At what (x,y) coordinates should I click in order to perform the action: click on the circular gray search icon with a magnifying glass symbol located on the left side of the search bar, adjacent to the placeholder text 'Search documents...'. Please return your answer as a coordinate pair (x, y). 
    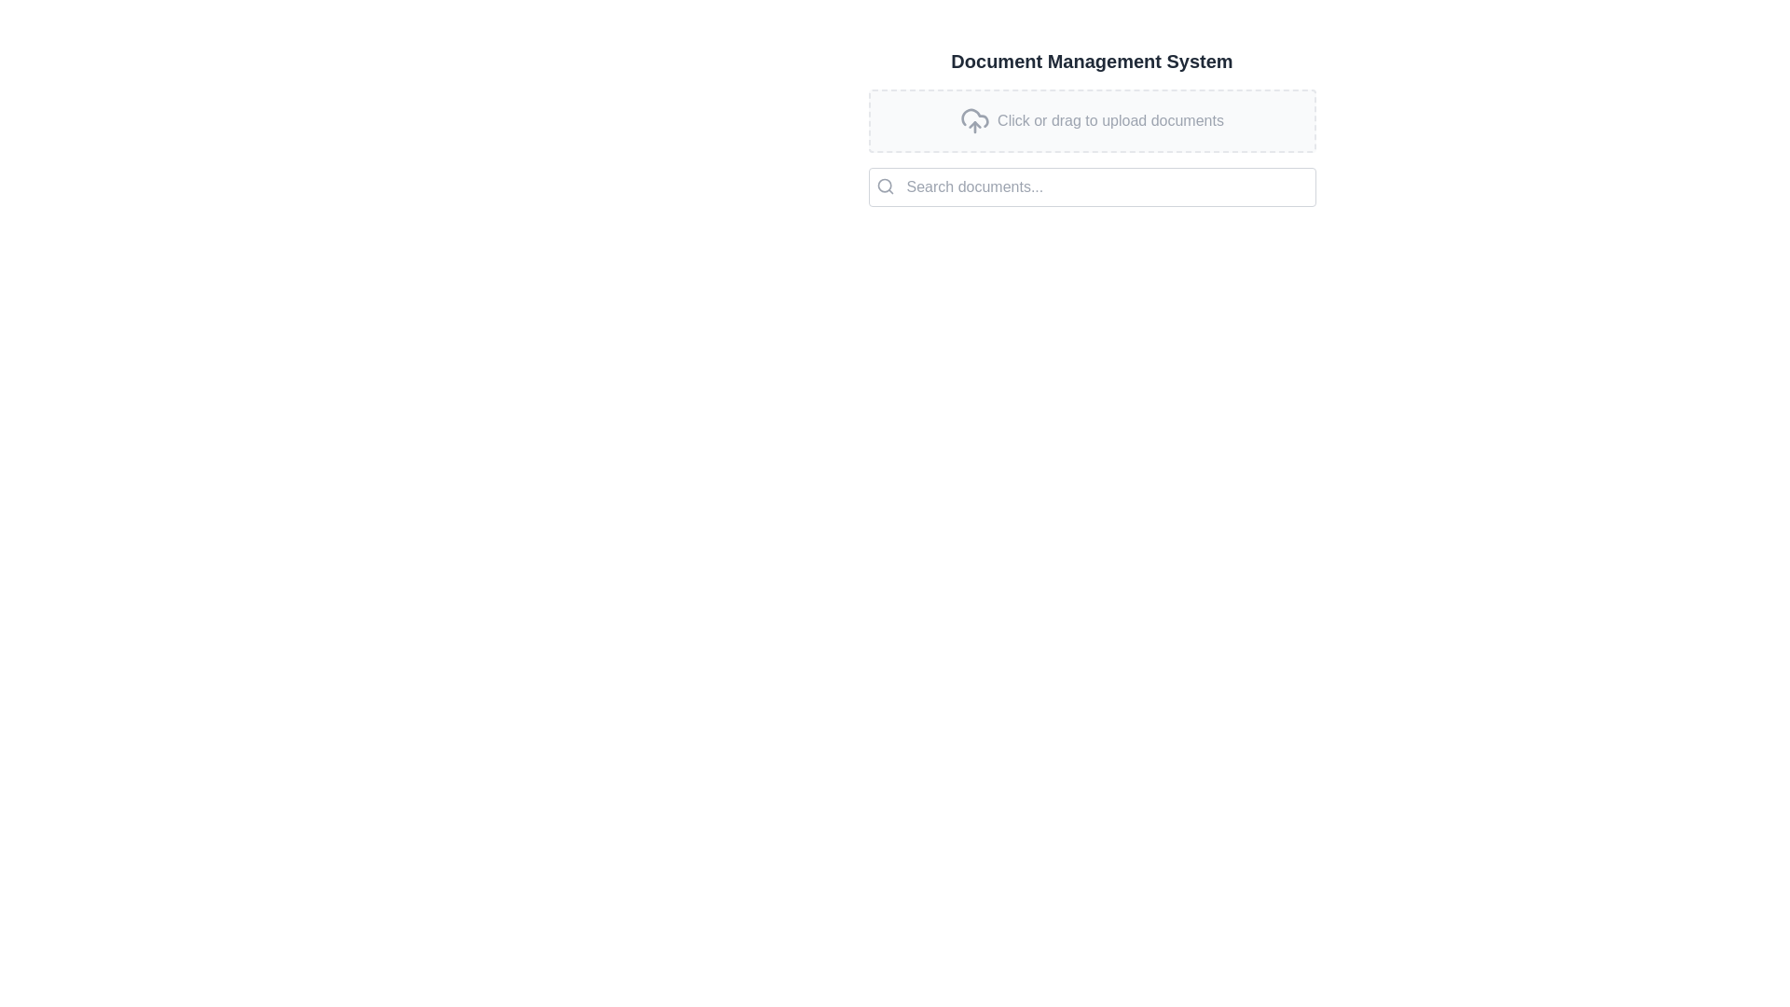
    Looking at the image, I should click on (884, 186).